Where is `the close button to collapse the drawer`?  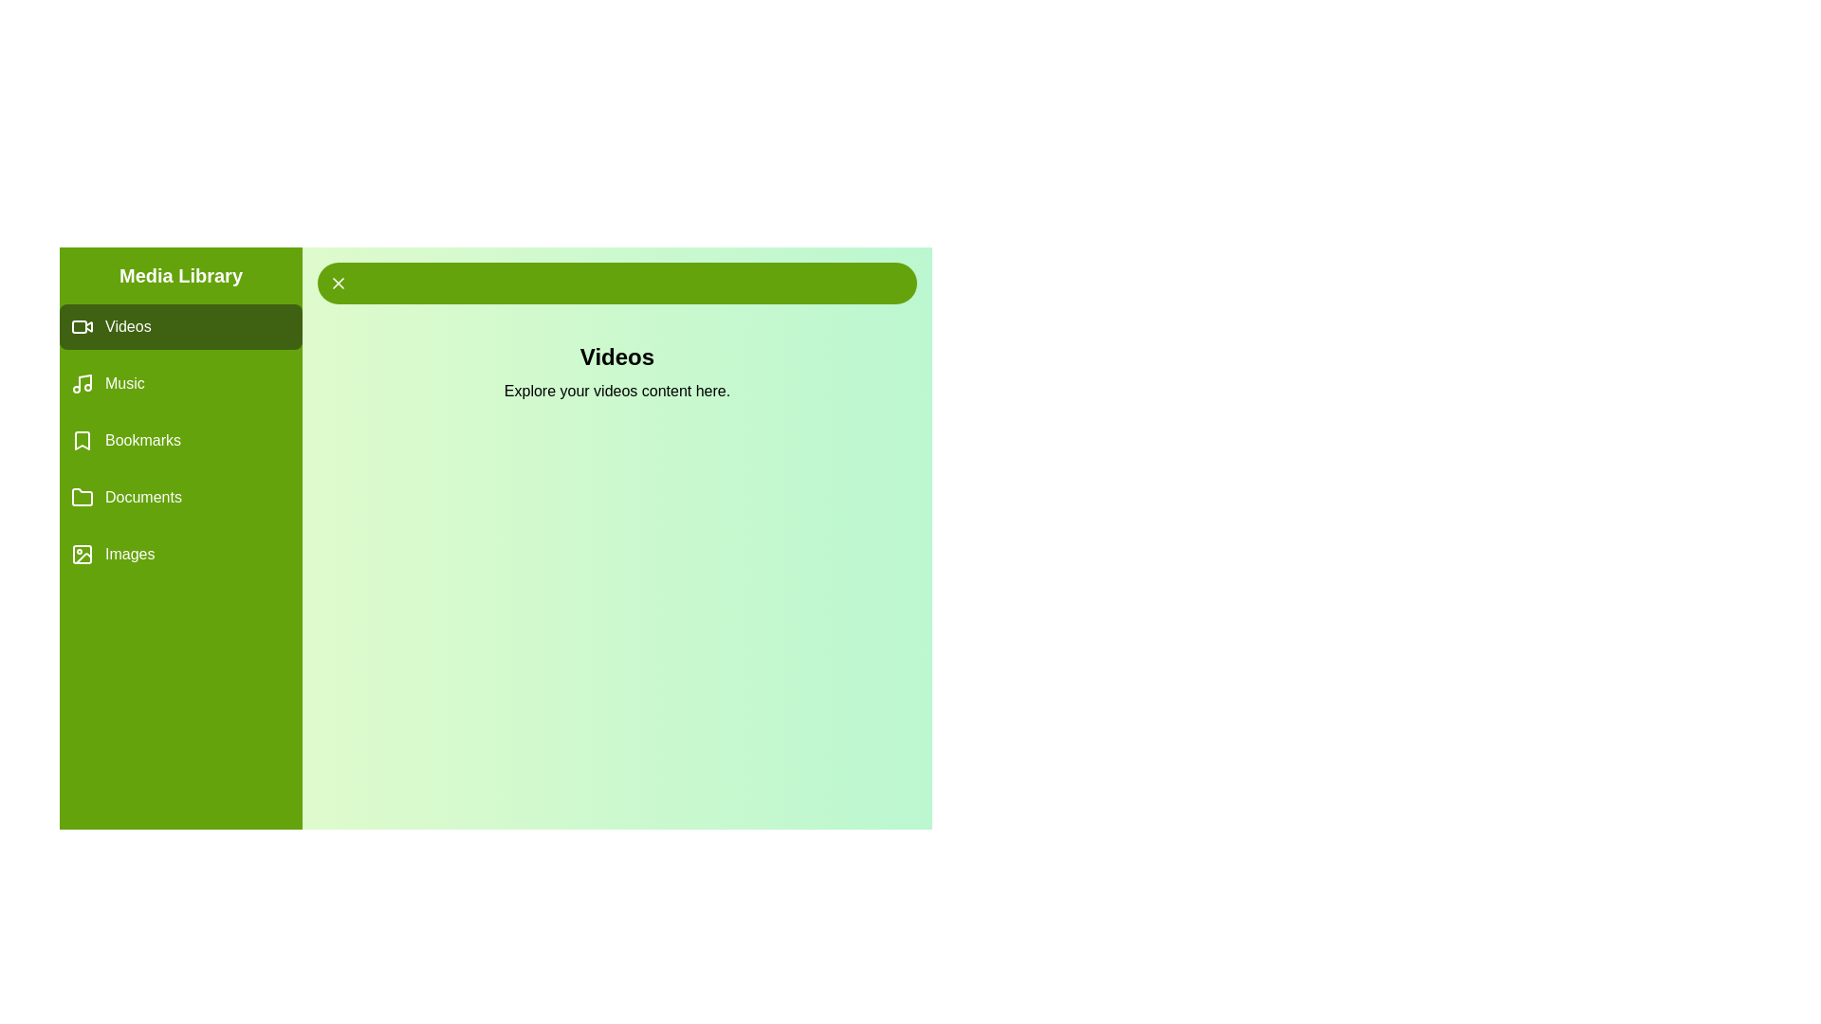
the close button to collapse the drawer is located at coordinates (338, 283).